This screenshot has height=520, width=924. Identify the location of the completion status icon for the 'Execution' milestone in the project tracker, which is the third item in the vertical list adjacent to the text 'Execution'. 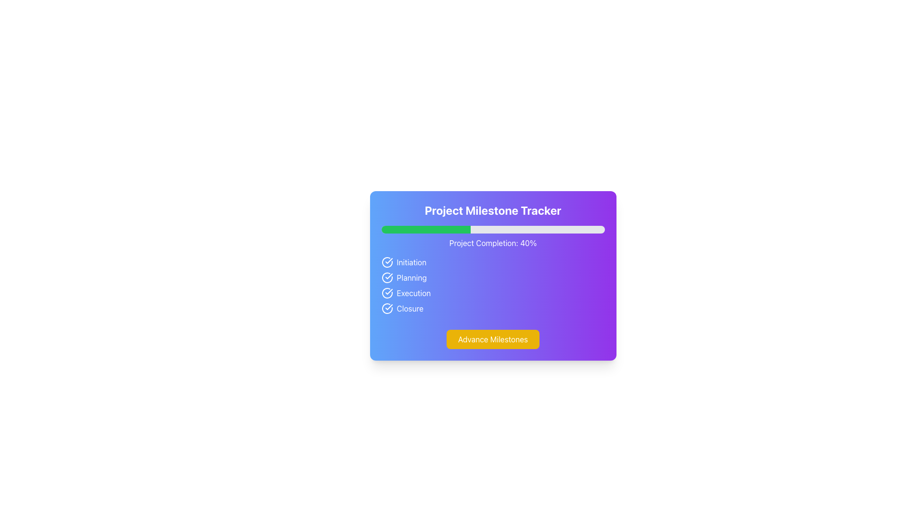
(389, 293).